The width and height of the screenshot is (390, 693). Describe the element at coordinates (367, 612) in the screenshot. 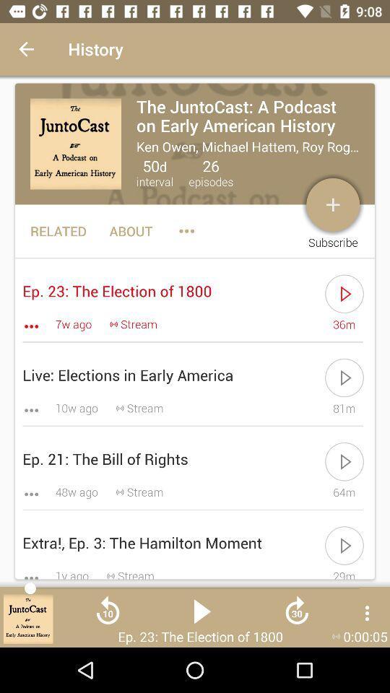

I see `the more icon` at that location.